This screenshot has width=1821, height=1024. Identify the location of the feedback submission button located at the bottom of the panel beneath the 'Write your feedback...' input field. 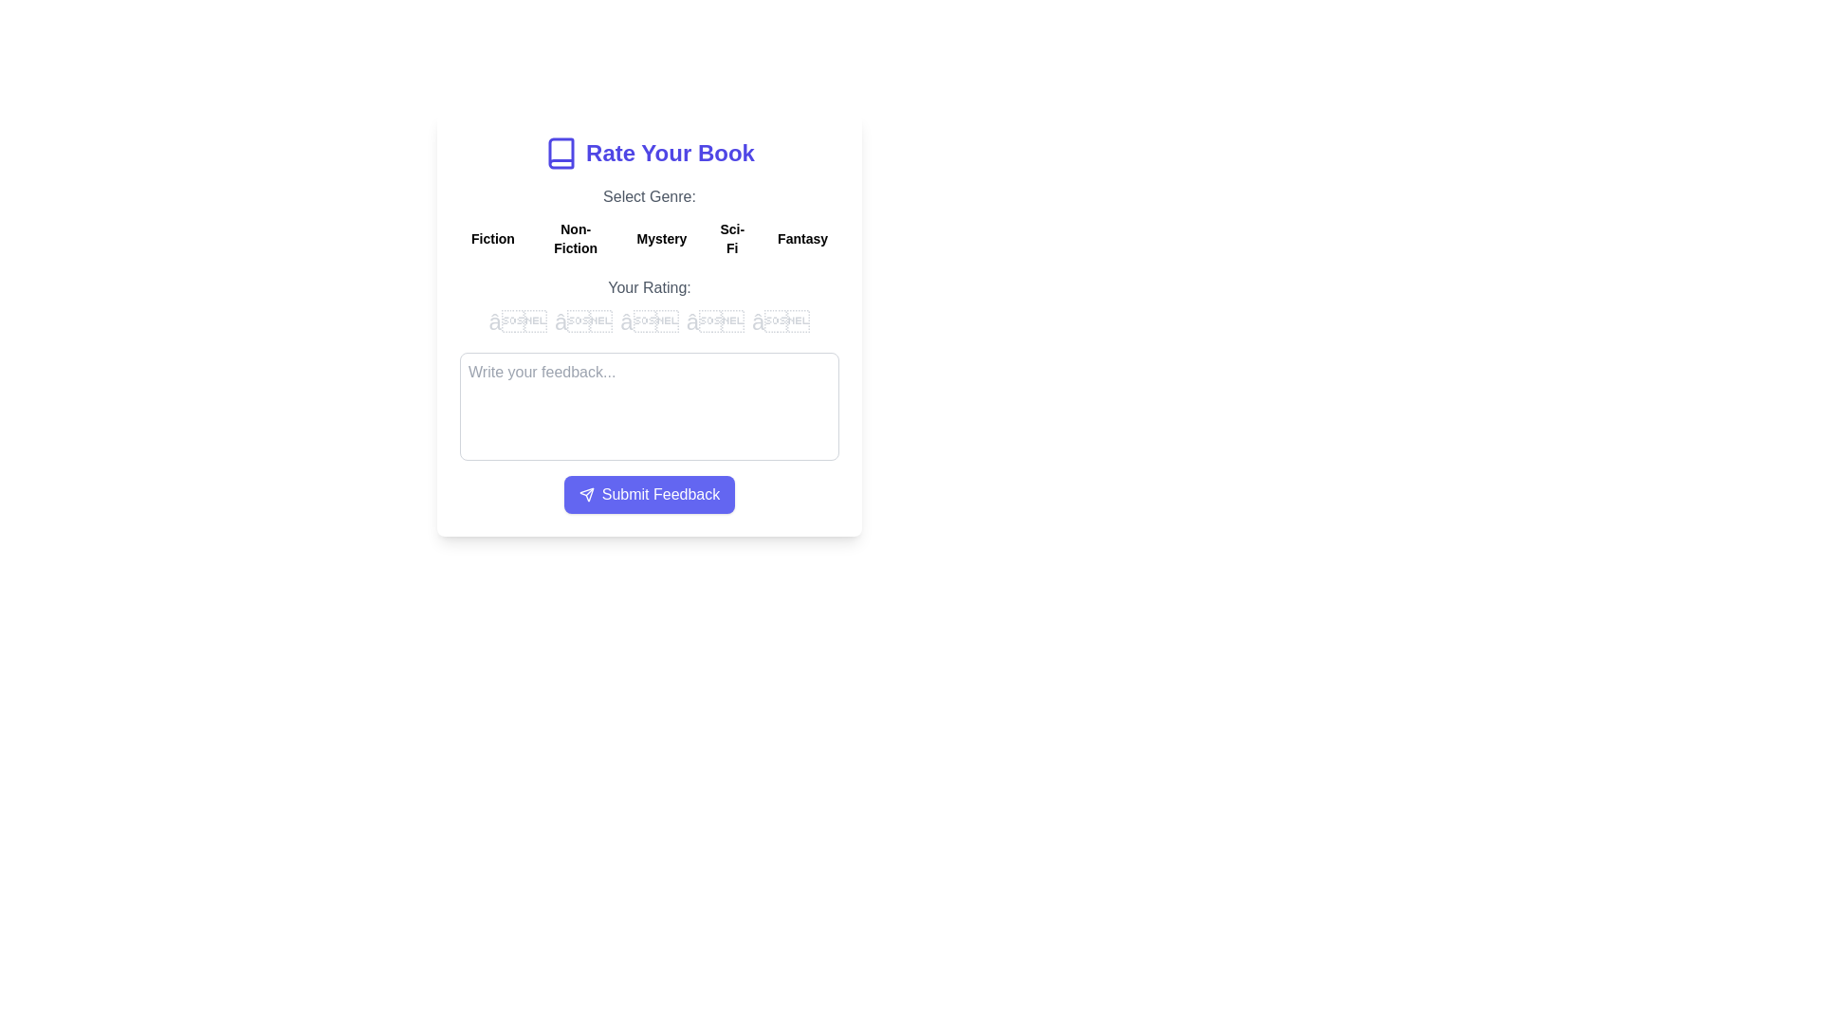
(650, 493).